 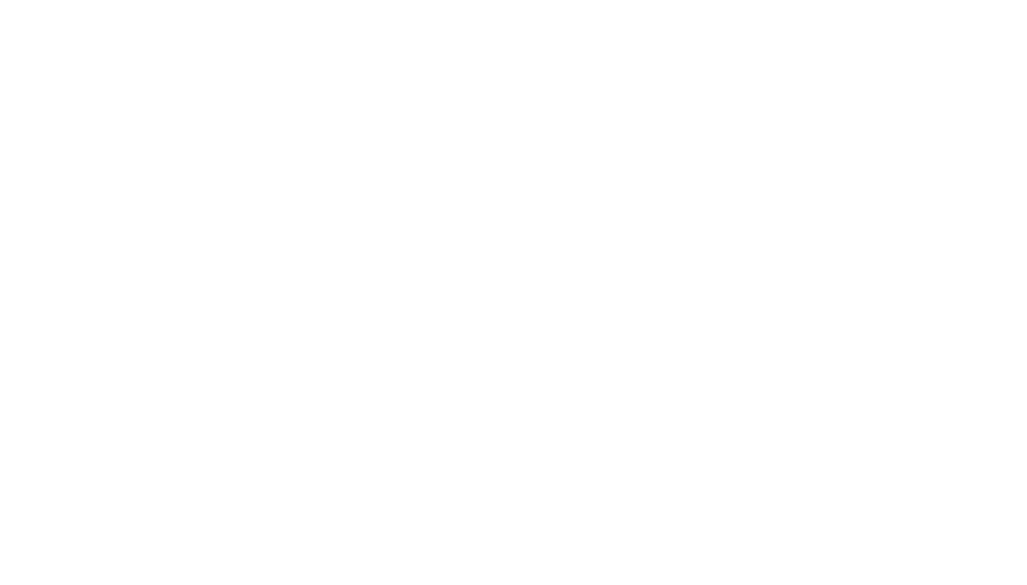 I want to click on '12 Crab Enchiladas for $48.00', so click(x=331, y=306).